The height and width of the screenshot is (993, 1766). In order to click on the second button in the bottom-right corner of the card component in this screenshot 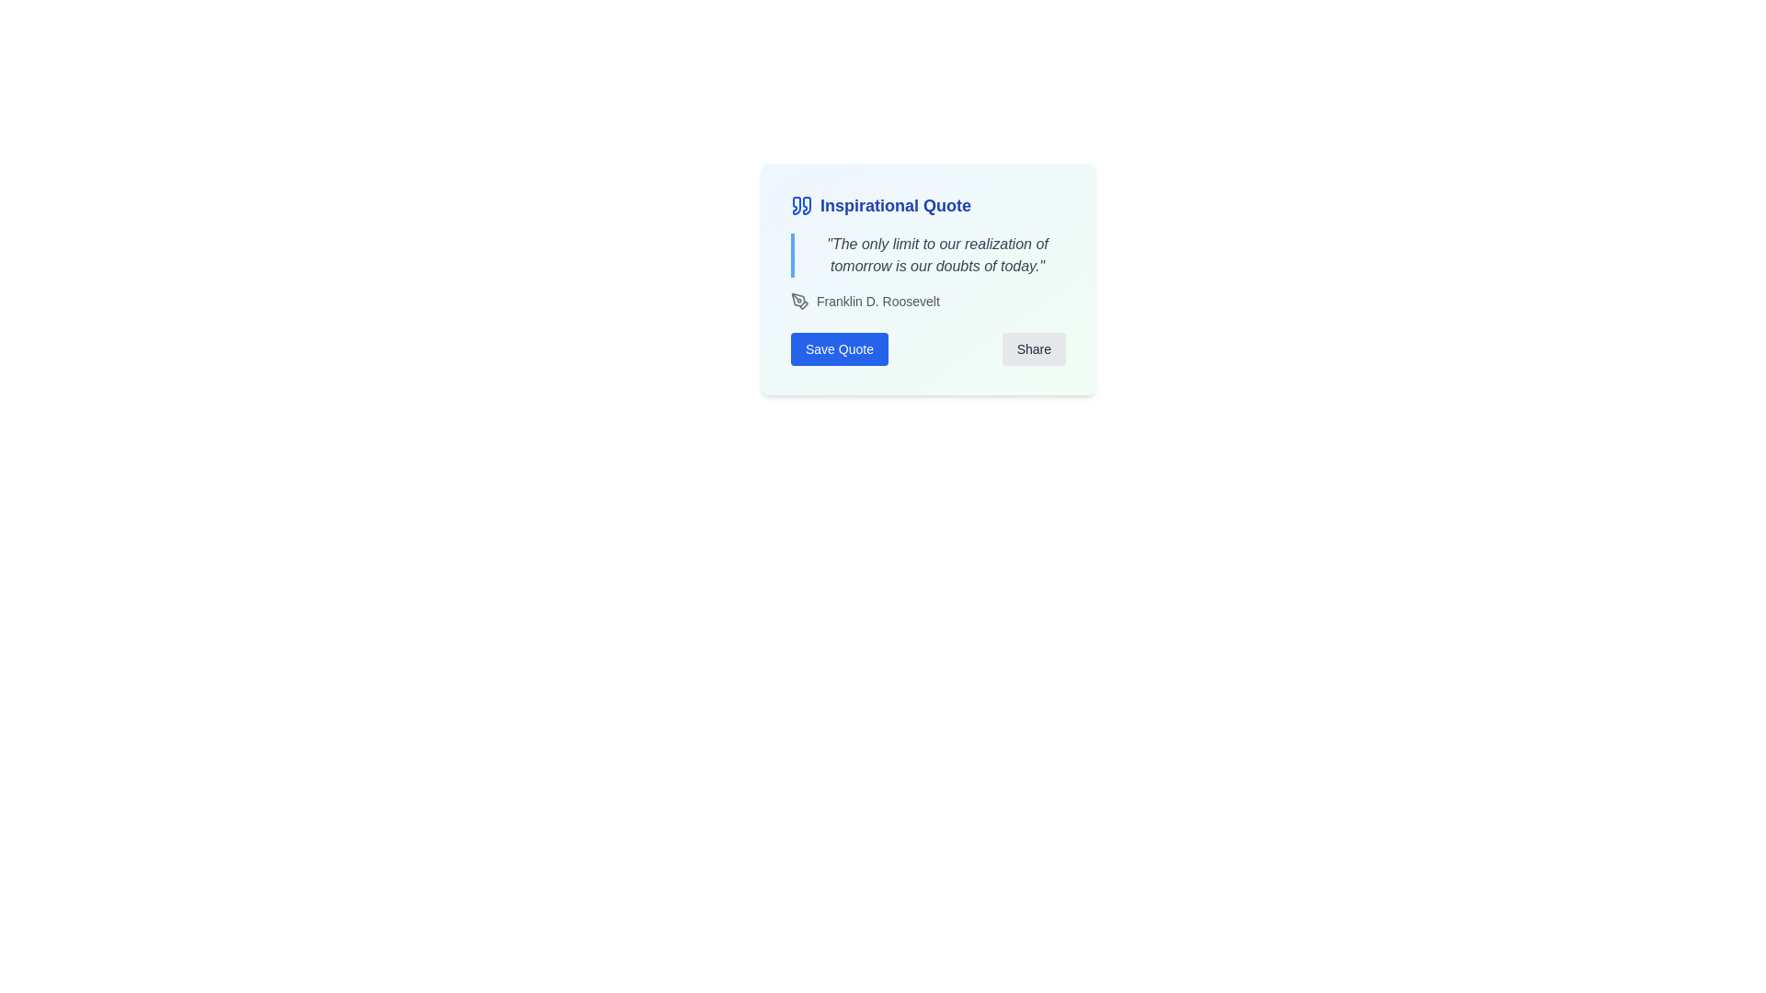, I will do `click(1034, 349)`.